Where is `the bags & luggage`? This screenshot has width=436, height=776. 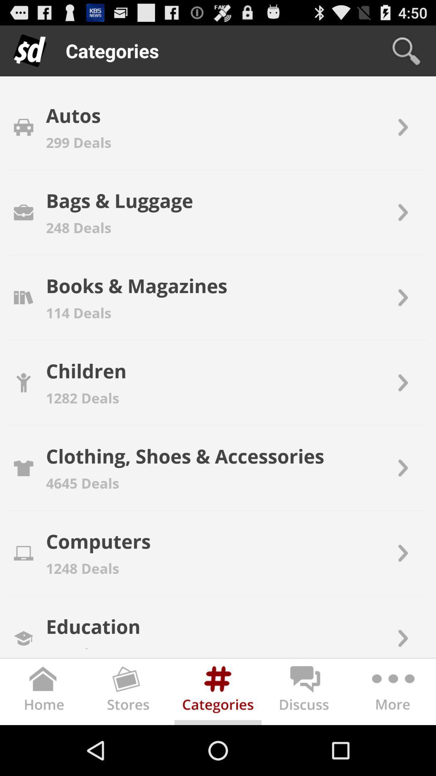
the bags & luggage is located at coordinates (119, 200).